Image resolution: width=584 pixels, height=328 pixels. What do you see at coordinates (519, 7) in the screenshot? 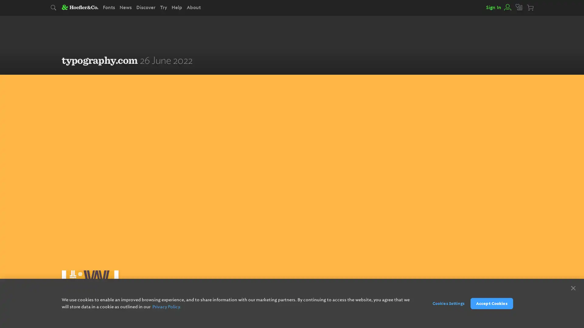
I see `View your favorites` at bounding box center [519, 7].